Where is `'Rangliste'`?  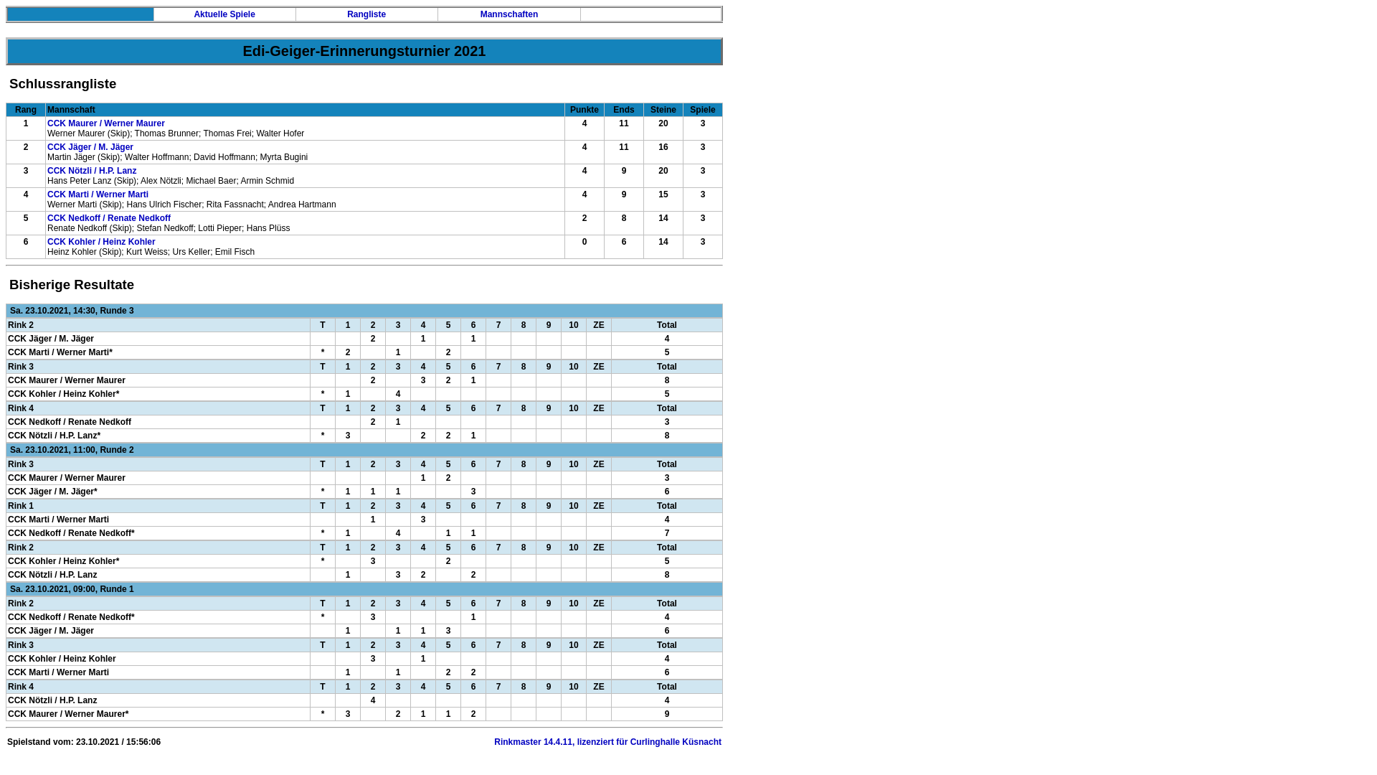 'Rangliste' is located at coordinates (366, 14).